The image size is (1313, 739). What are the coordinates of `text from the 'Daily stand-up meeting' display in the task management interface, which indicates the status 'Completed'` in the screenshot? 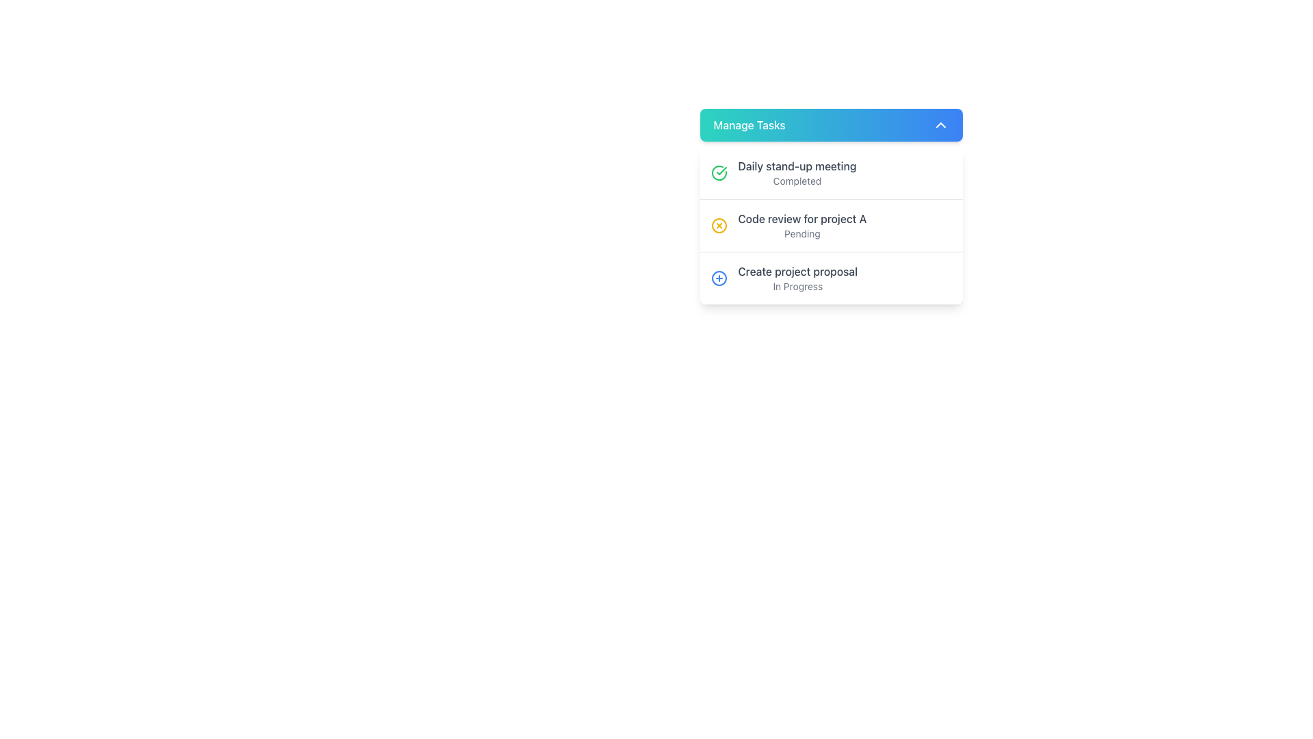 It's located at (797, 172).